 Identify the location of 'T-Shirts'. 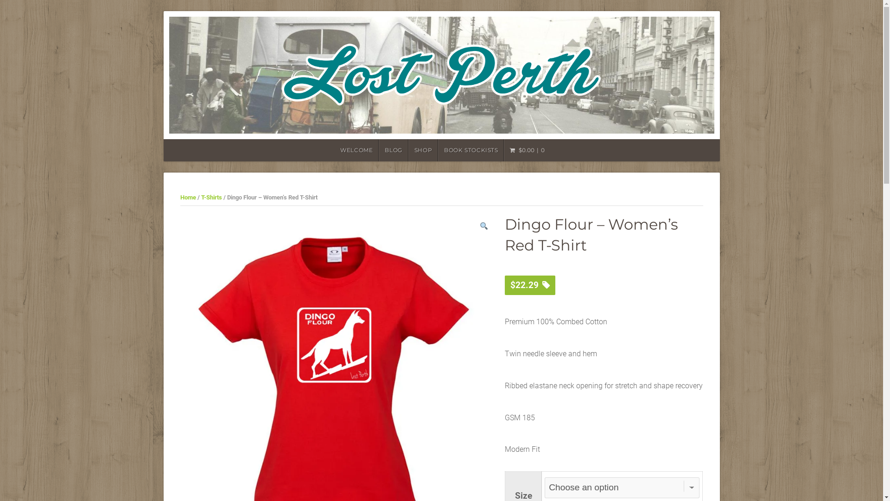
(211, 197).